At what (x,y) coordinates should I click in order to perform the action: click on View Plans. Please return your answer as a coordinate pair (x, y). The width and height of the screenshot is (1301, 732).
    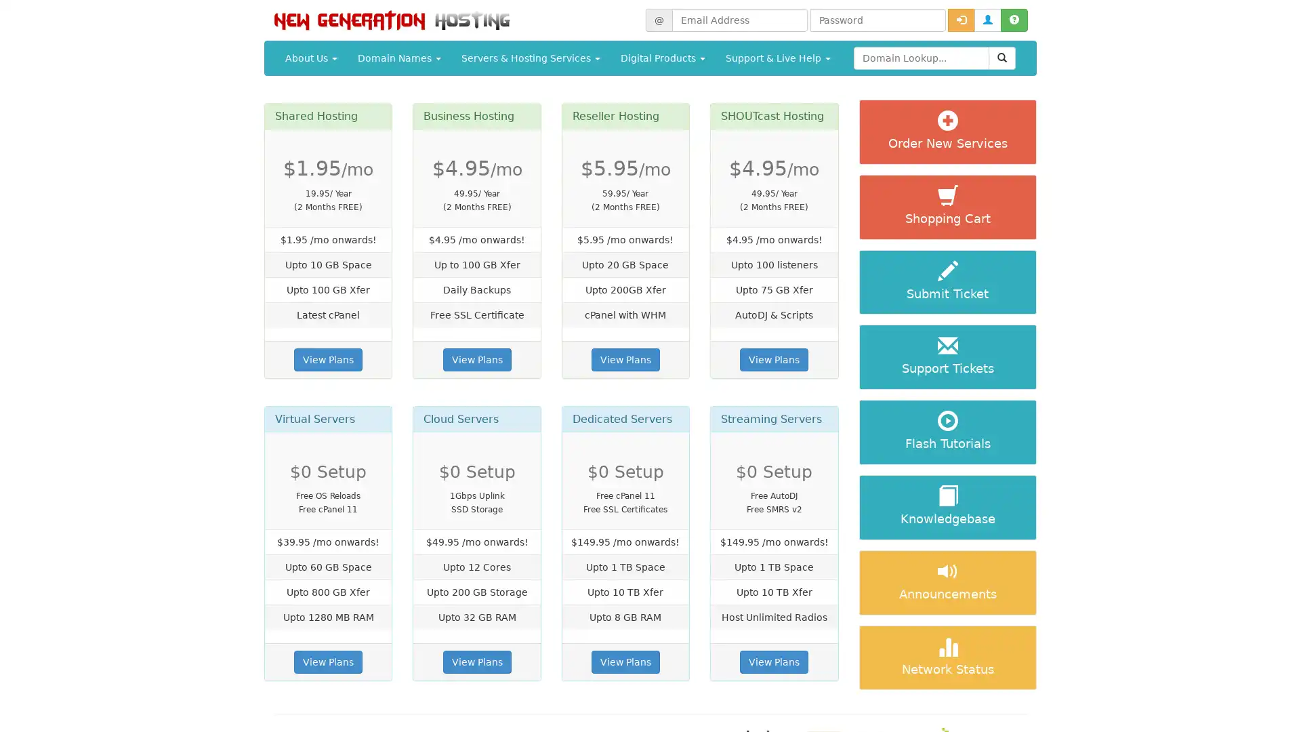
    Looking at the image, I should click on (328, 358).